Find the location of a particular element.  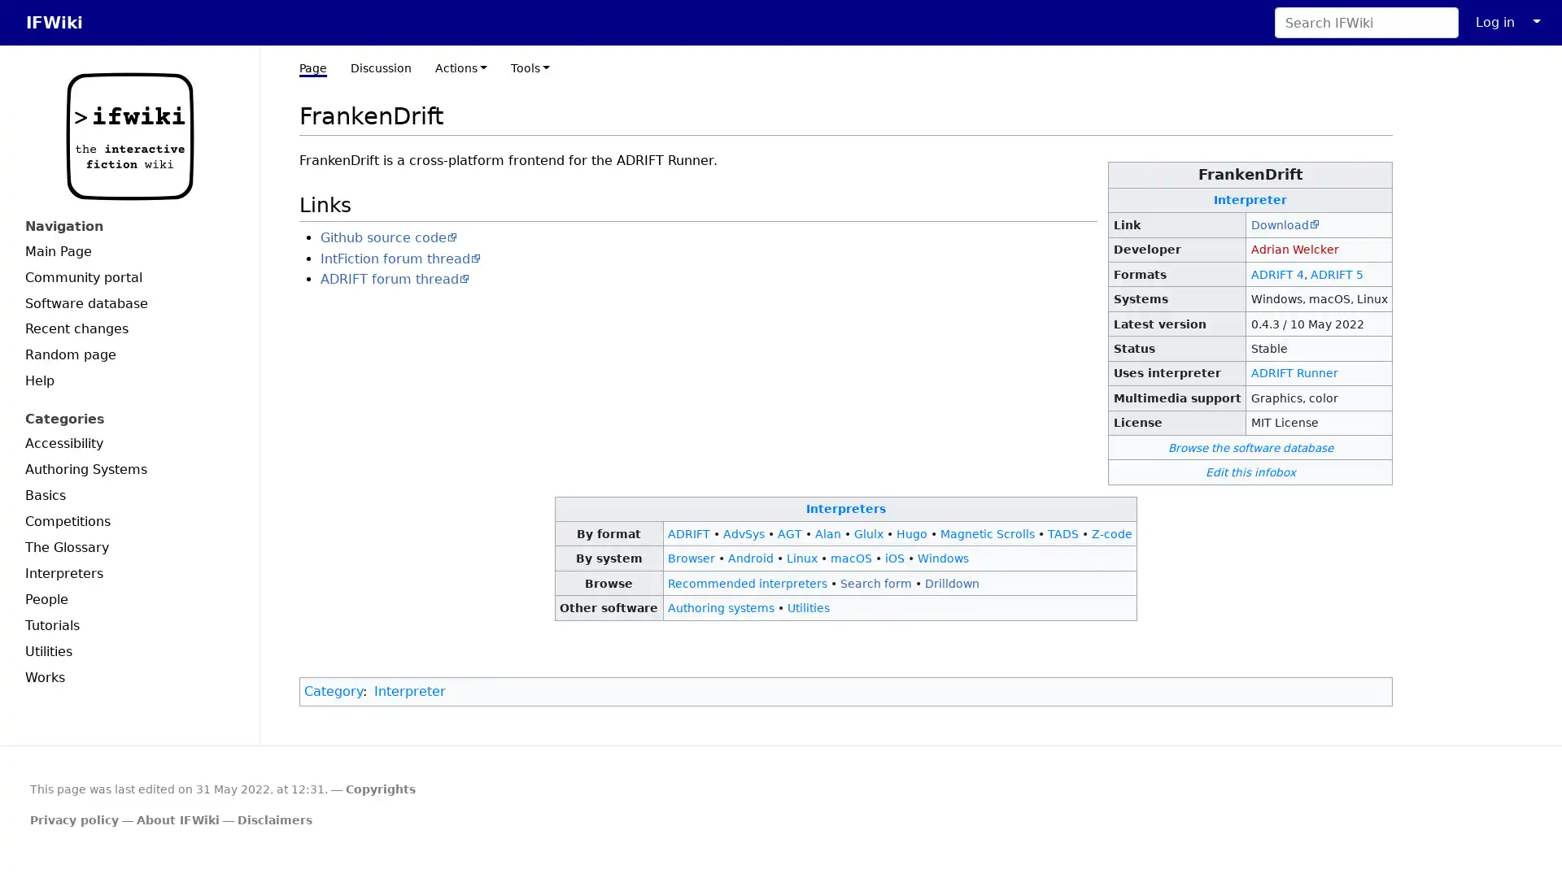

Navigation is located at coordinates (129, 226).